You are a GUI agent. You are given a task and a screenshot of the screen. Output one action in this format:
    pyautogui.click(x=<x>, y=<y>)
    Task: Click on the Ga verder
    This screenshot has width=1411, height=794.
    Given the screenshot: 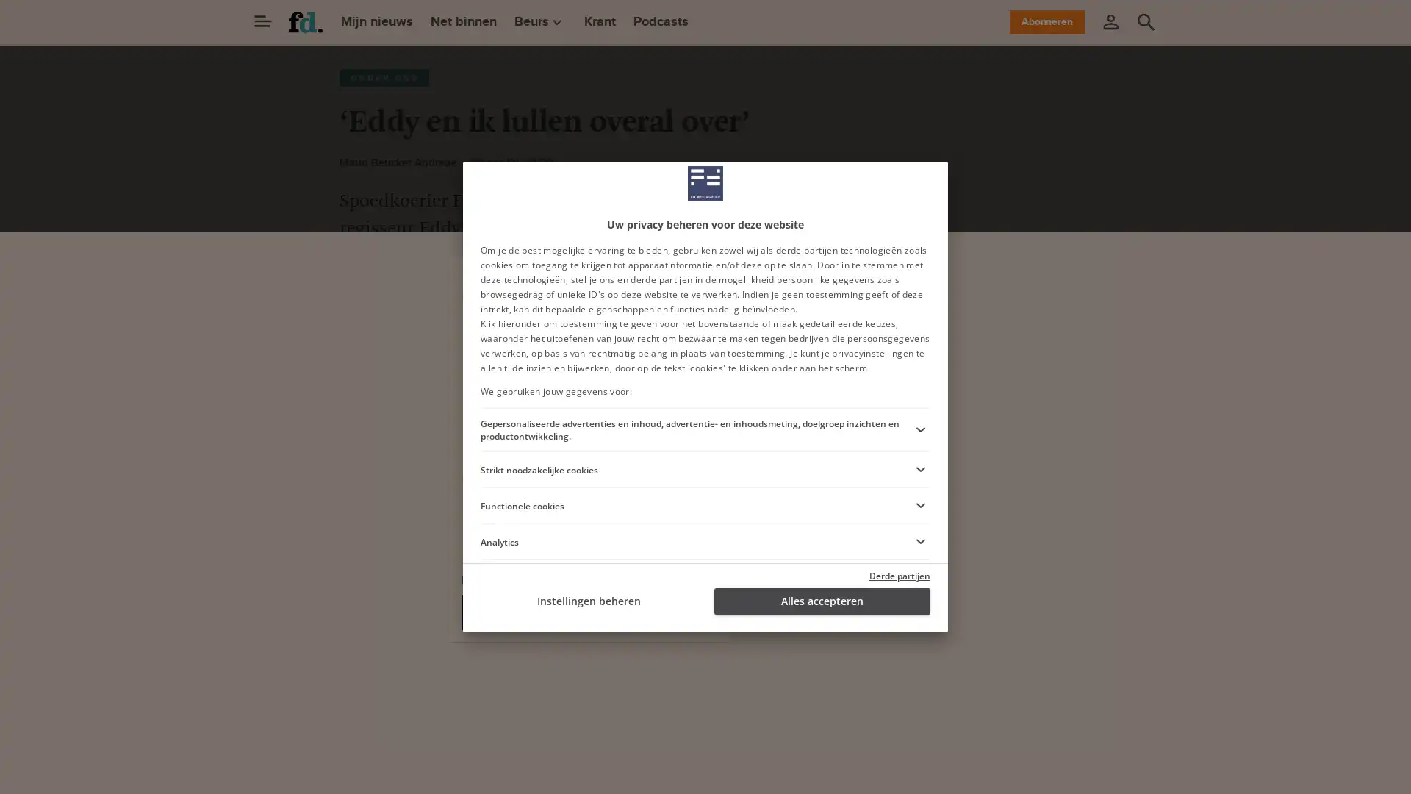 What is the action you would take?
    pyautogui.click(x=589, y=445)
    